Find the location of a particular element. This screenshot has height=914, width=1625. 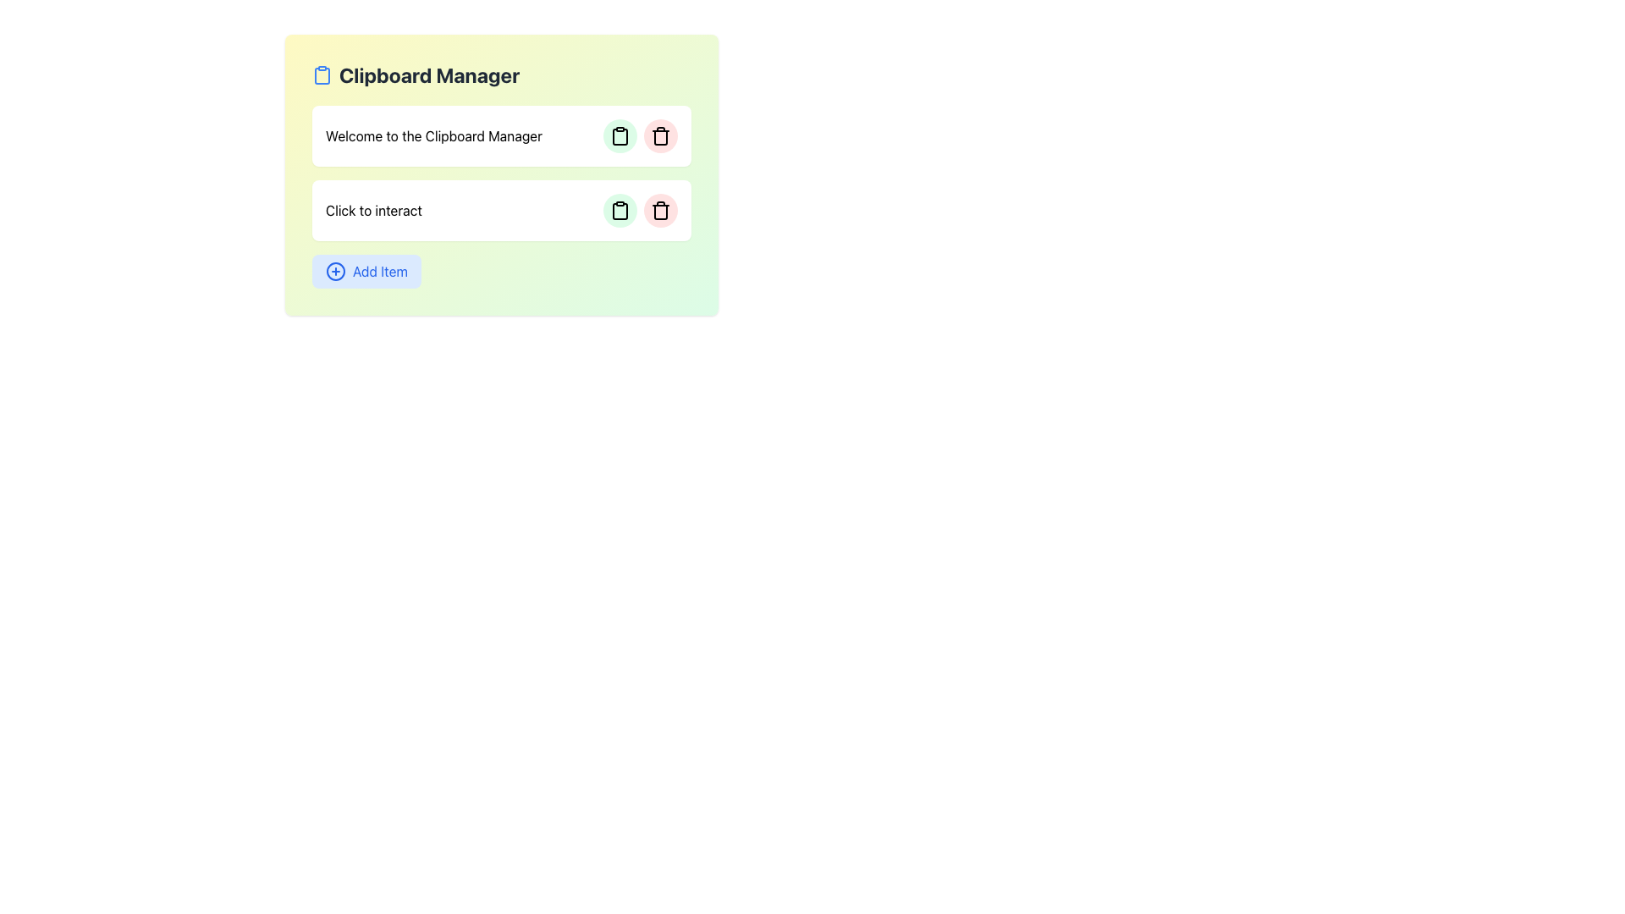

the clipboard icon with a green fill, located in the second row of the Clipboard Manager interface, to the right of 'Click to interact' and adjacent to the trash bin icon is located at coordinates (620, 211).